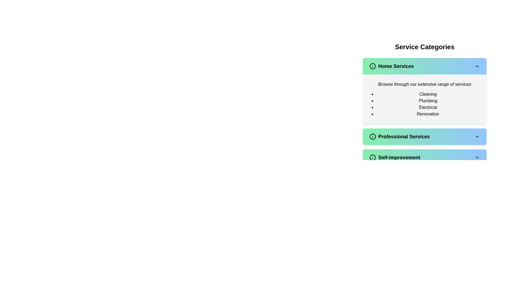  What do you see at coordinates (428, 107) in the screenshot?
I see `the text label 'Electrical' in the bulleted list under 'Home Services'` at bounding box center [428, 107].